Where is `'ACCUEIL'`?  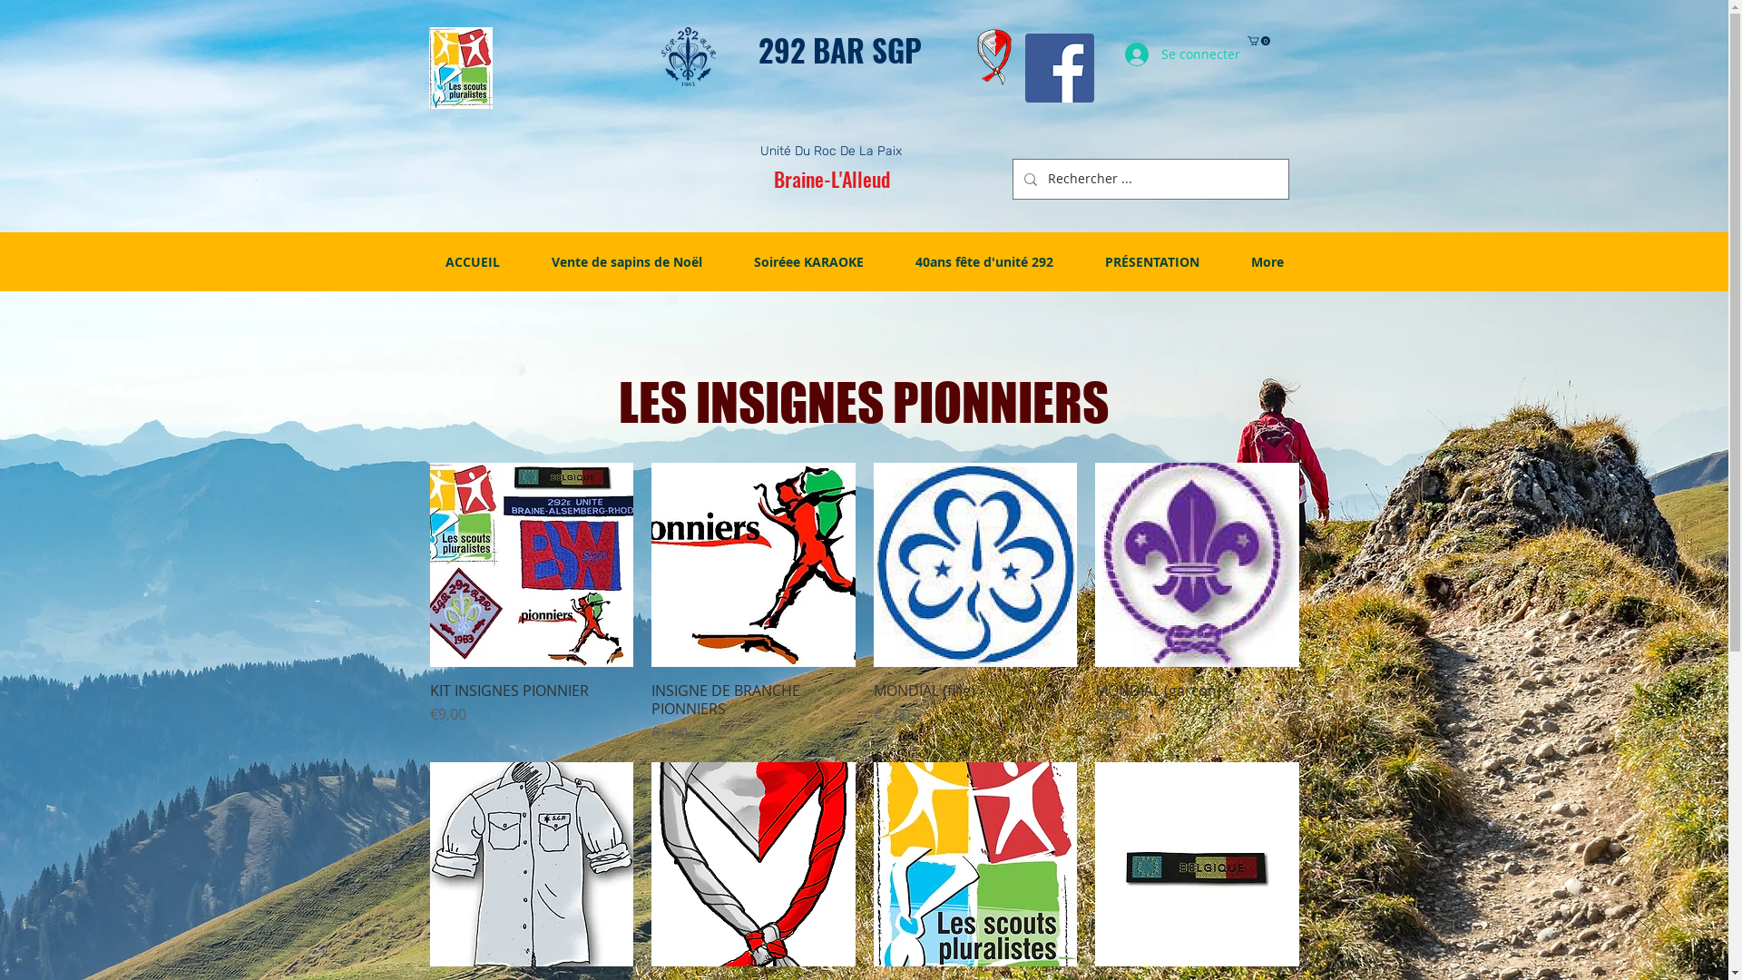
'ACCUEIL' is located at coordinates (472, 262).